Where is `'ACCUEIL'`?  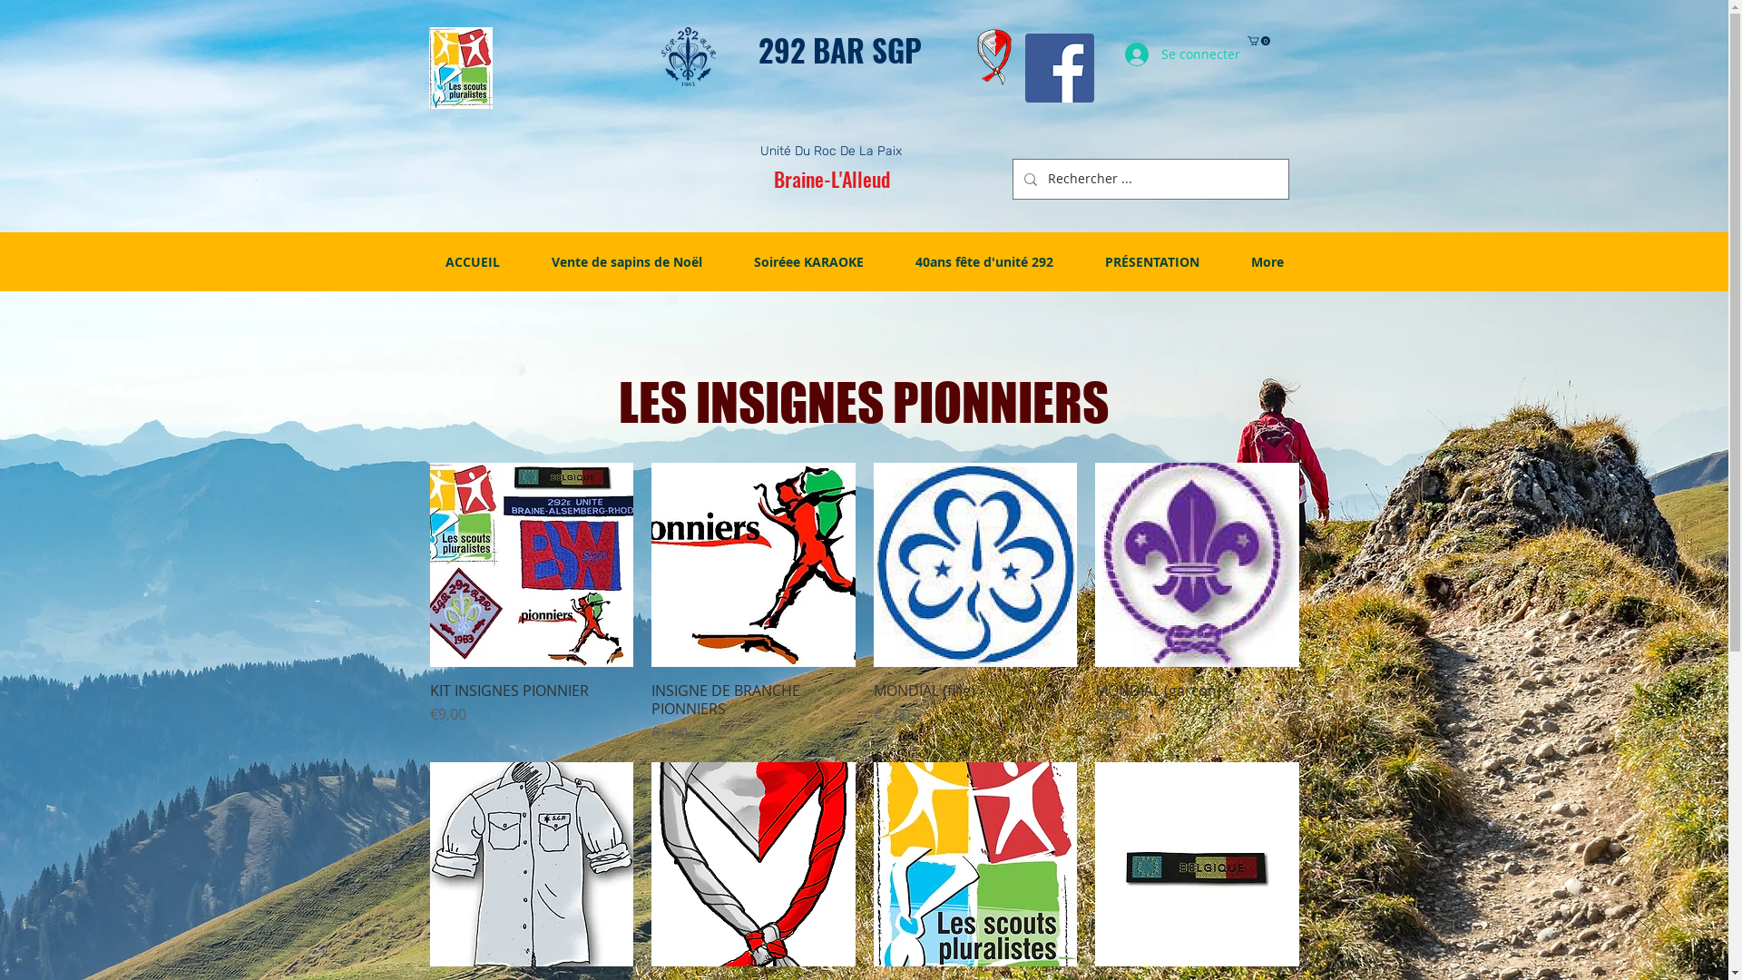
'ACCUEIL' is located at coordinates (472, 262).